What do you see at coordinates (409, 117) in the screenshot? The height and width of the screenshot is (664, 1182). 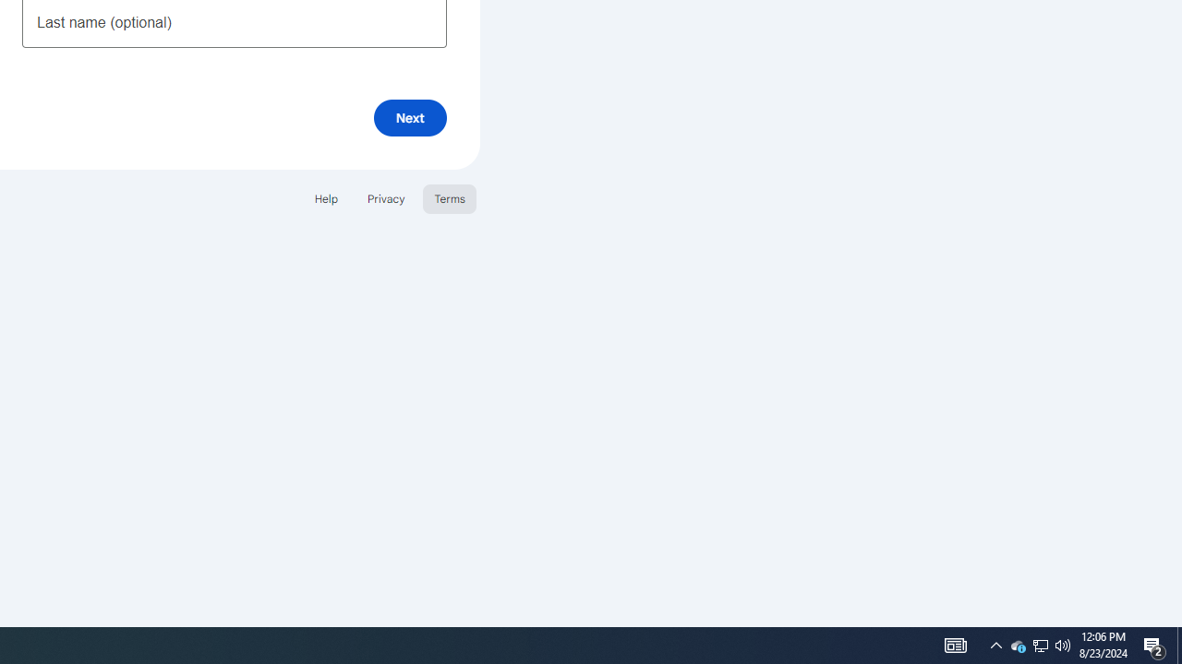 I see `'Next'` at bounding box center [409, 117].